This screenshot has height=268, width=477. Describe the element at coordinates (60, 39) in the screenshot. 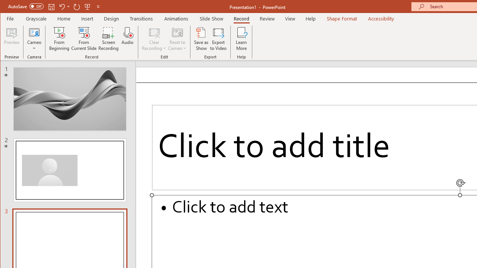

I see `'From Beginning...'` at that location.